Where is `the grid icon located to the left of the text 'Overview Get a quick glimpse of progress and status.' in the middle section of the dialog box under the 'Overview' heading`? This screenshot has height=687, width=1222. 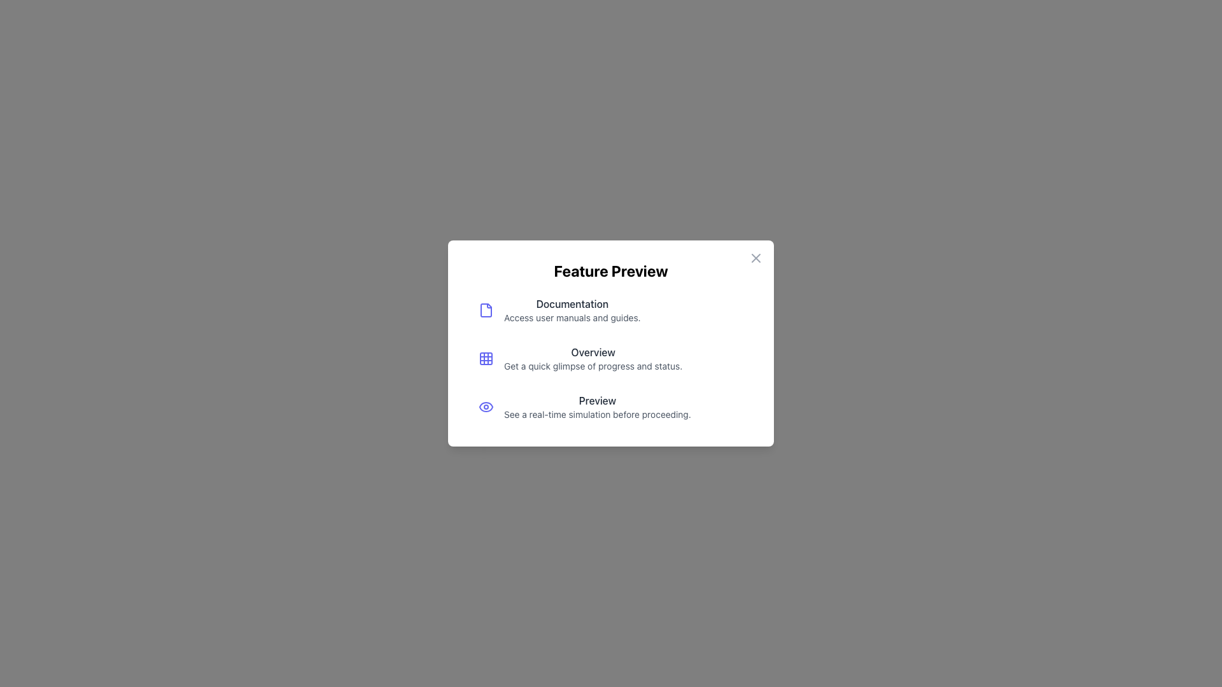 the grid icon located to the left of the text 'Overview Get a quick glimpse of progress and status.' in the middle section of the dialog box under the 'Overview' heading is located at coordinates (485, 358).